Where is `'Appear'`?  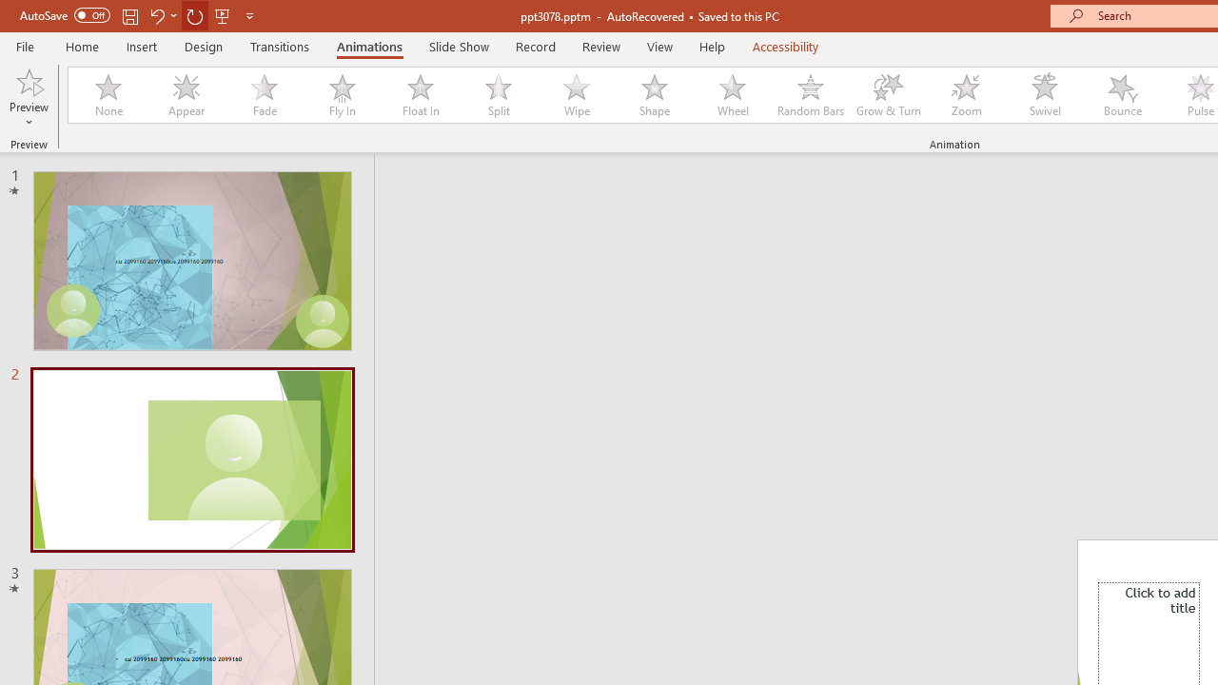 'Appear' is located at coordinates (186, 95).